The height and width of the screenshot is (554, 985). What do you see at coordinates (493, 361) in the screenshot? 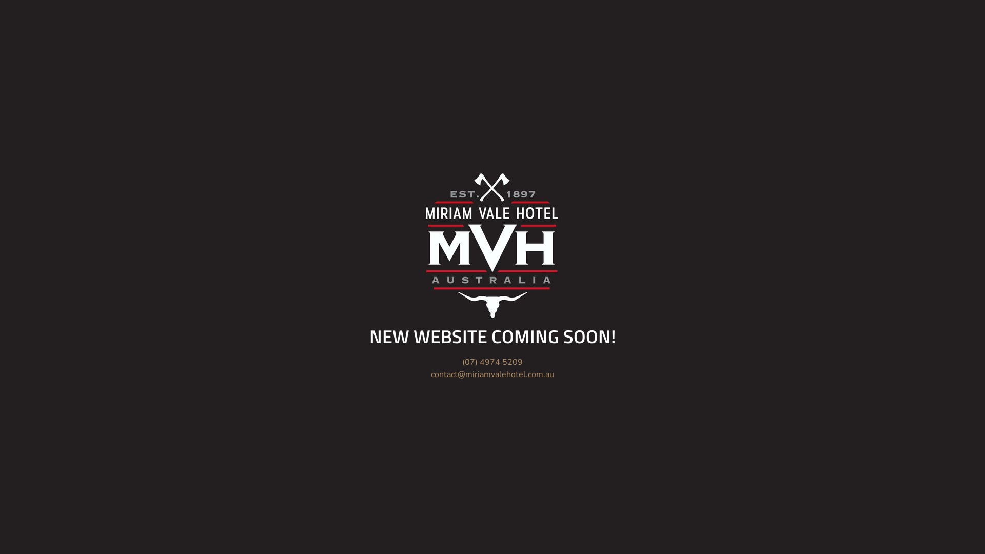
I see `'(07) 4974 5209'` at bounding box center [493, 361].